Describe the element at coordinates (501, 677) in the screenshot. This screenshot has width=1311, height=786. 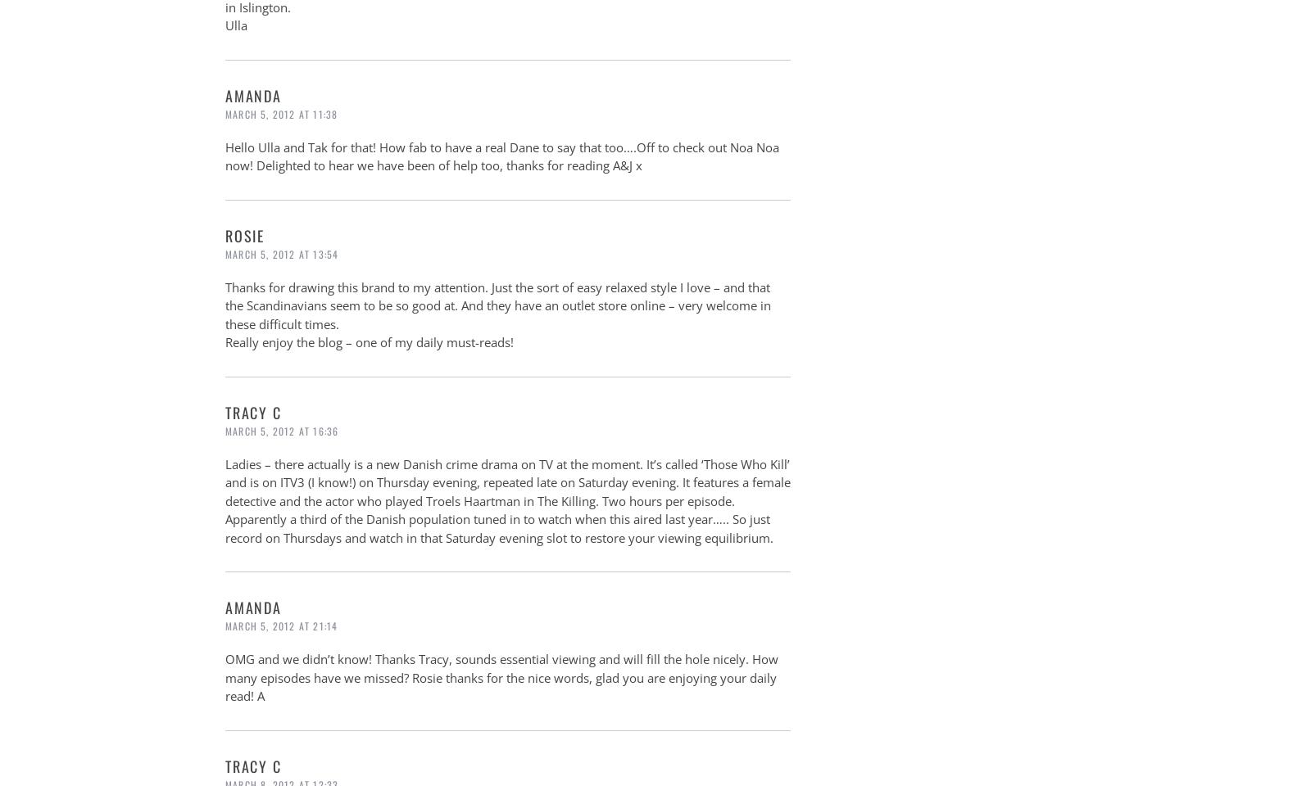
I see `'OMG and we didn’t know! Thanks Tracy, sounds essential viewing and will fill the hole nicely. How many episodes have we missed? Rosie thanks for the nice words, glad you are enjoying your daily read! A'` at that location.